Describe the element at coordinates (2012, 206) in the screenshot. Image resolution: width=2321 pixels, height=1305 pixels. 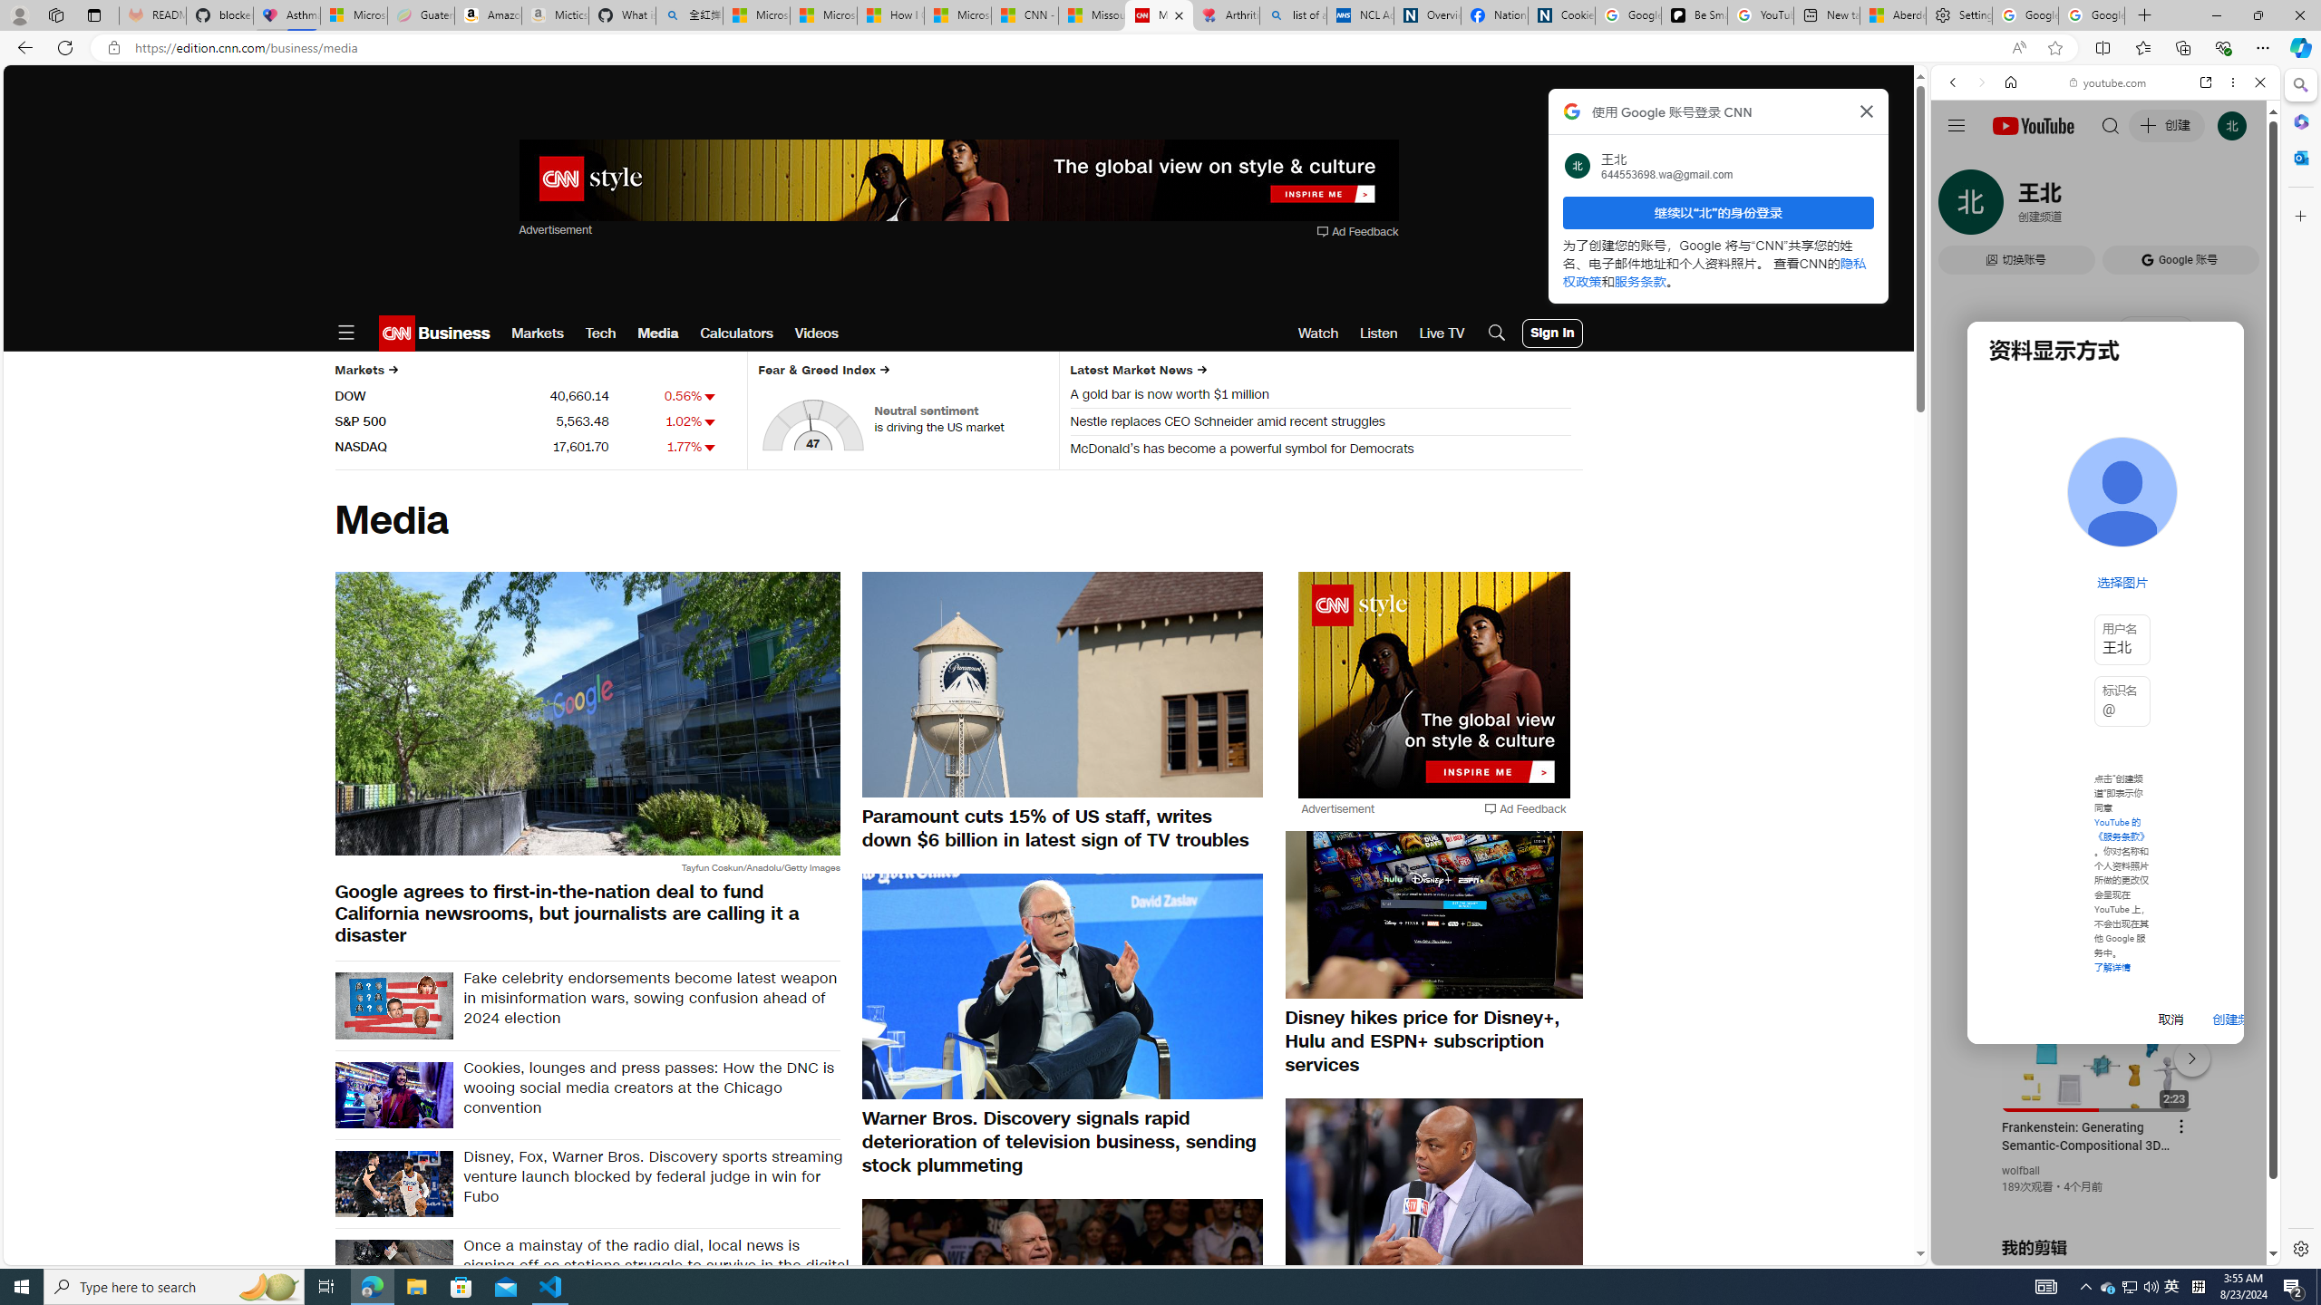
I see `'Search Filter, IMAGES'` at that location.